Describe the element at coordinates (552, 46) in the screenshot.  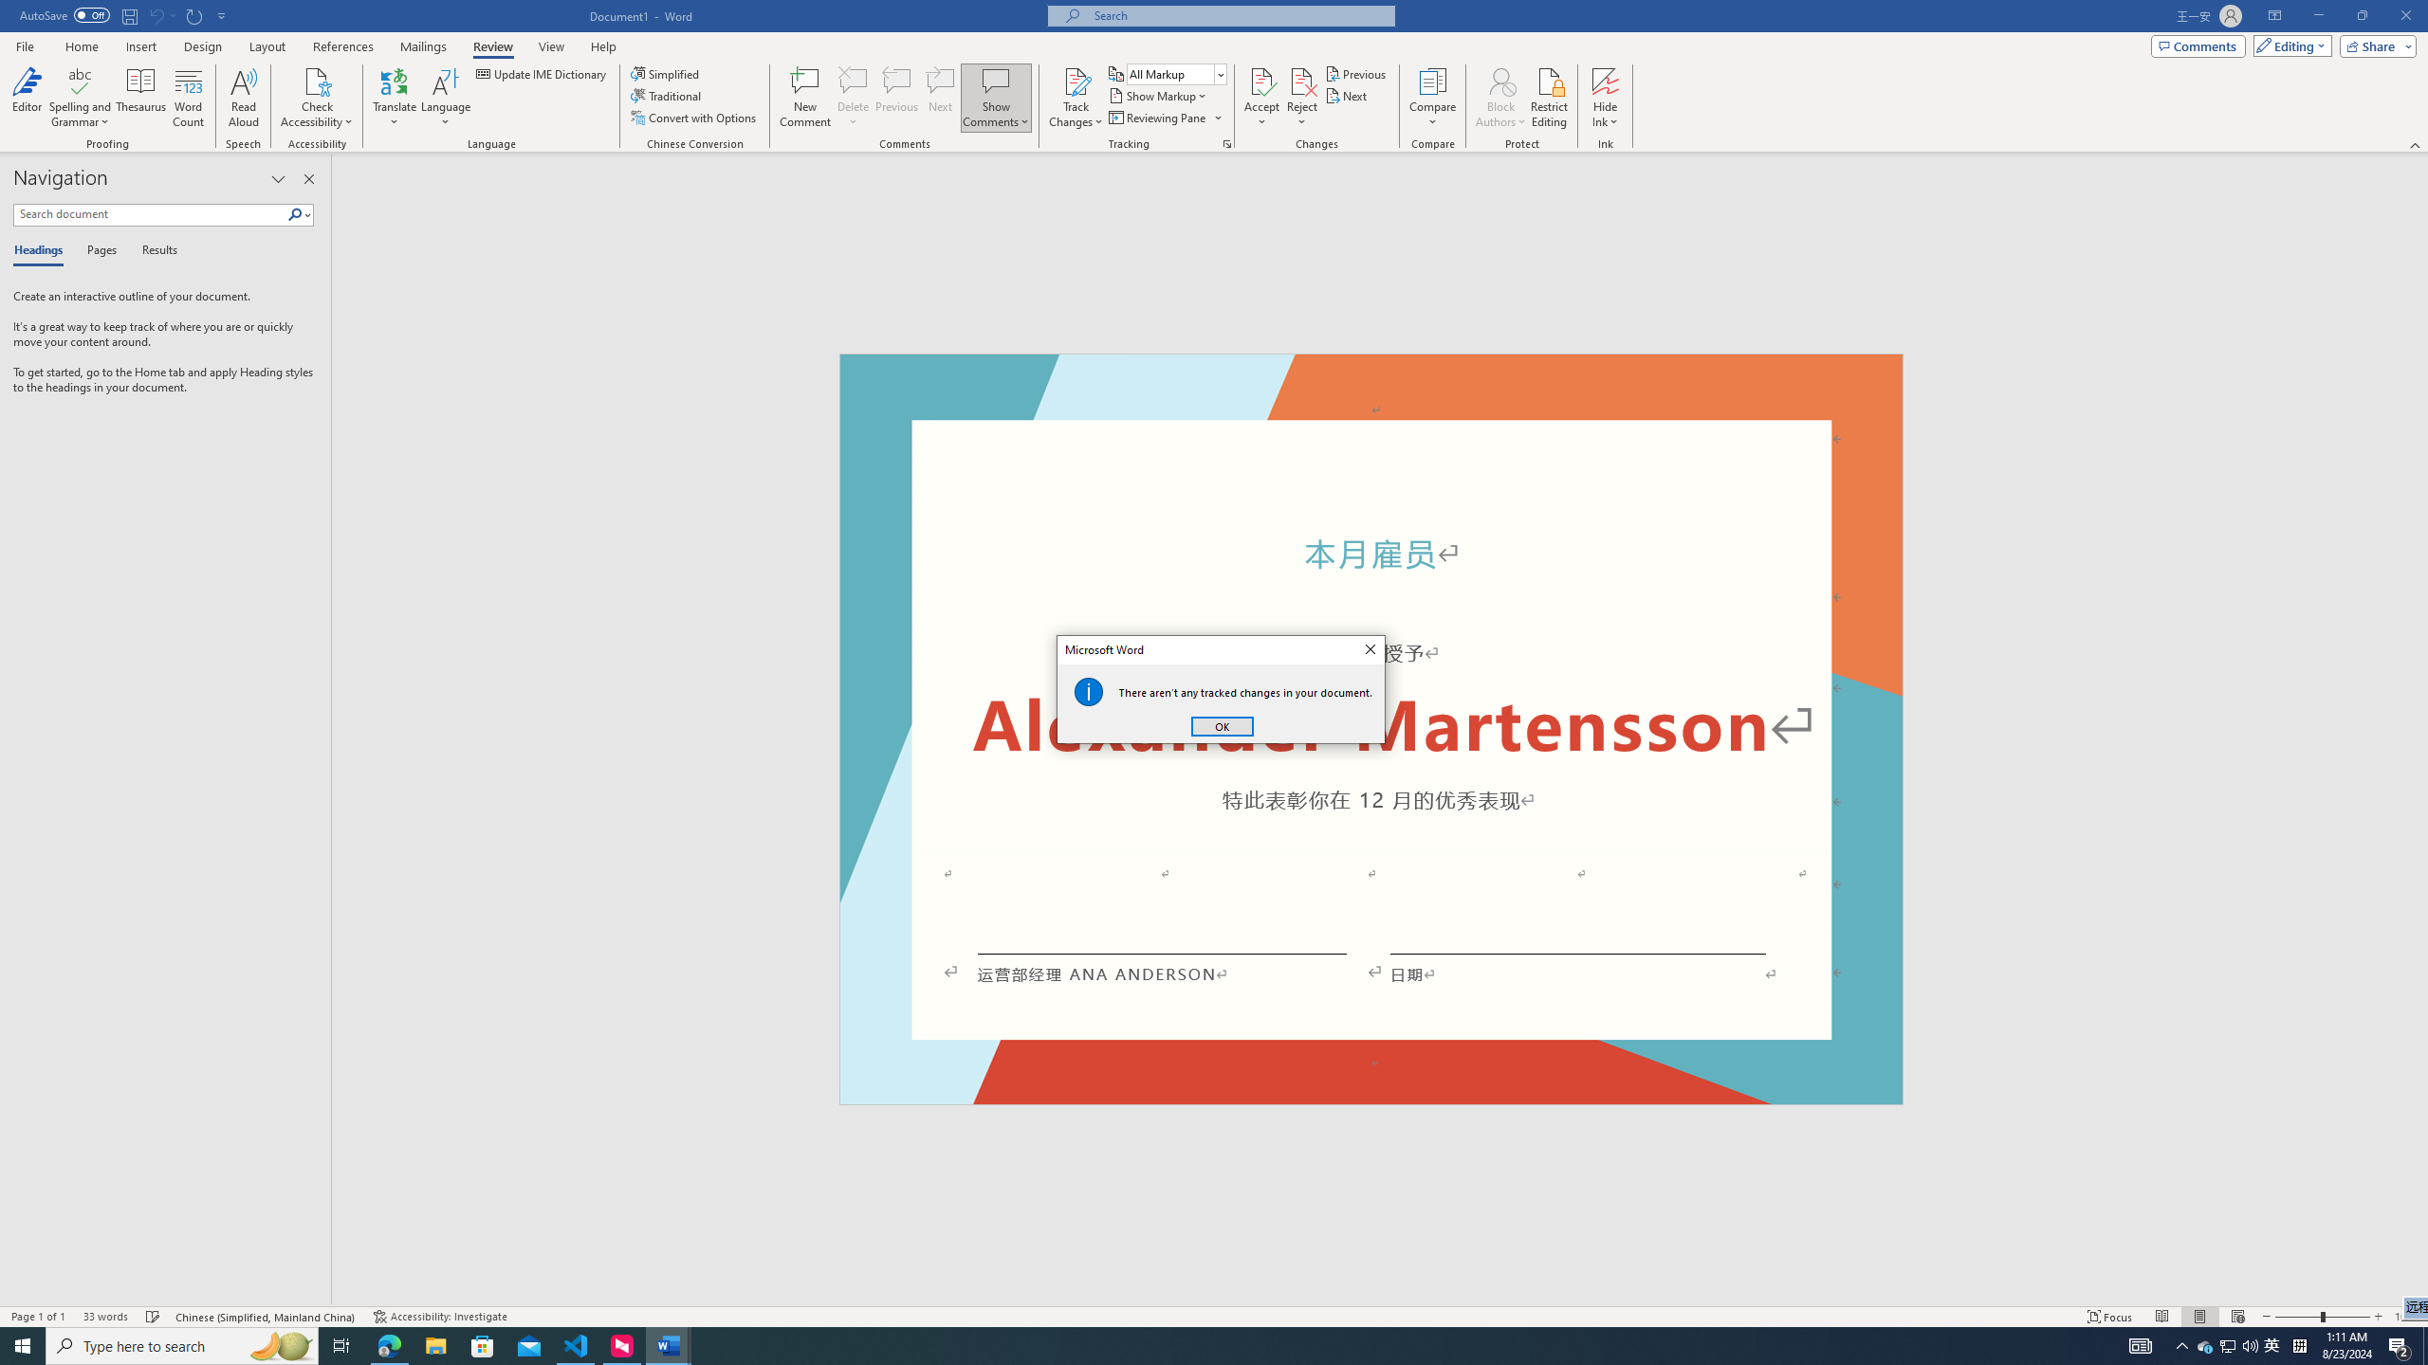
I see `'View'` at that location.